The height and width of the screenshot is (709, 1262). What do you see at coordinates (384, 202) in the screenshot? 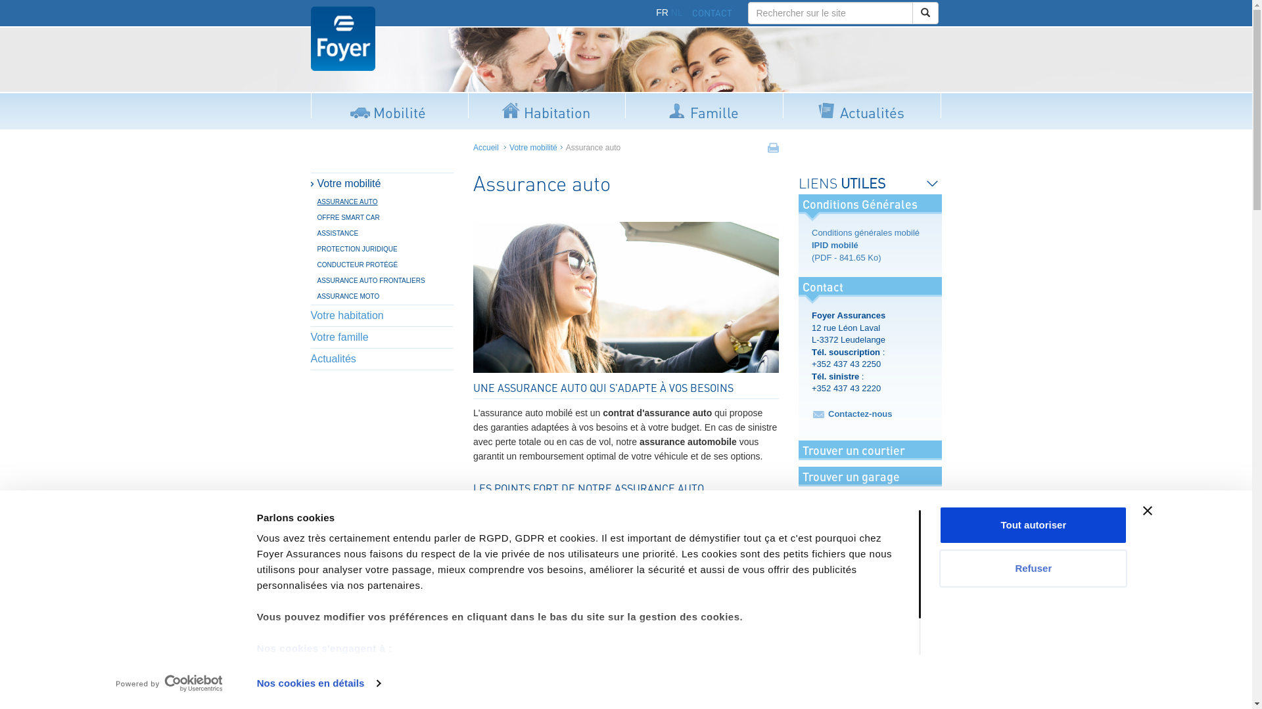
I see `'ASSURANCE AUTO'` at bounding box center [384, 202].